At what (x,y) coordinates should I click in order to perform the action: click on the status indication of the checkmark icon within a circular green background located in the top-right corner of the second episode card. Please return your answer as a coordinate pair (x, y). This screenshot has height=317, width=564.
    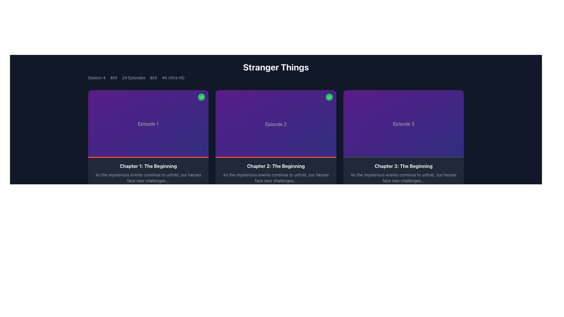
    Looking at the image, I should click on (329, 97).